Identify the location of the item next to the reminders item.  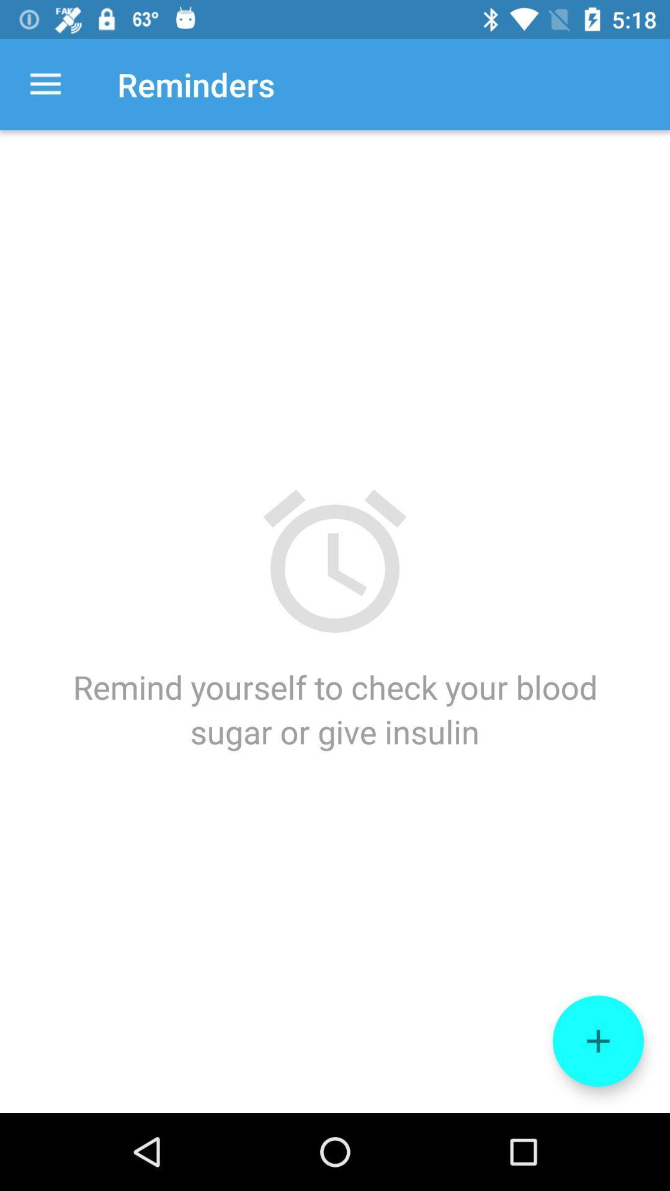
(45, 84).